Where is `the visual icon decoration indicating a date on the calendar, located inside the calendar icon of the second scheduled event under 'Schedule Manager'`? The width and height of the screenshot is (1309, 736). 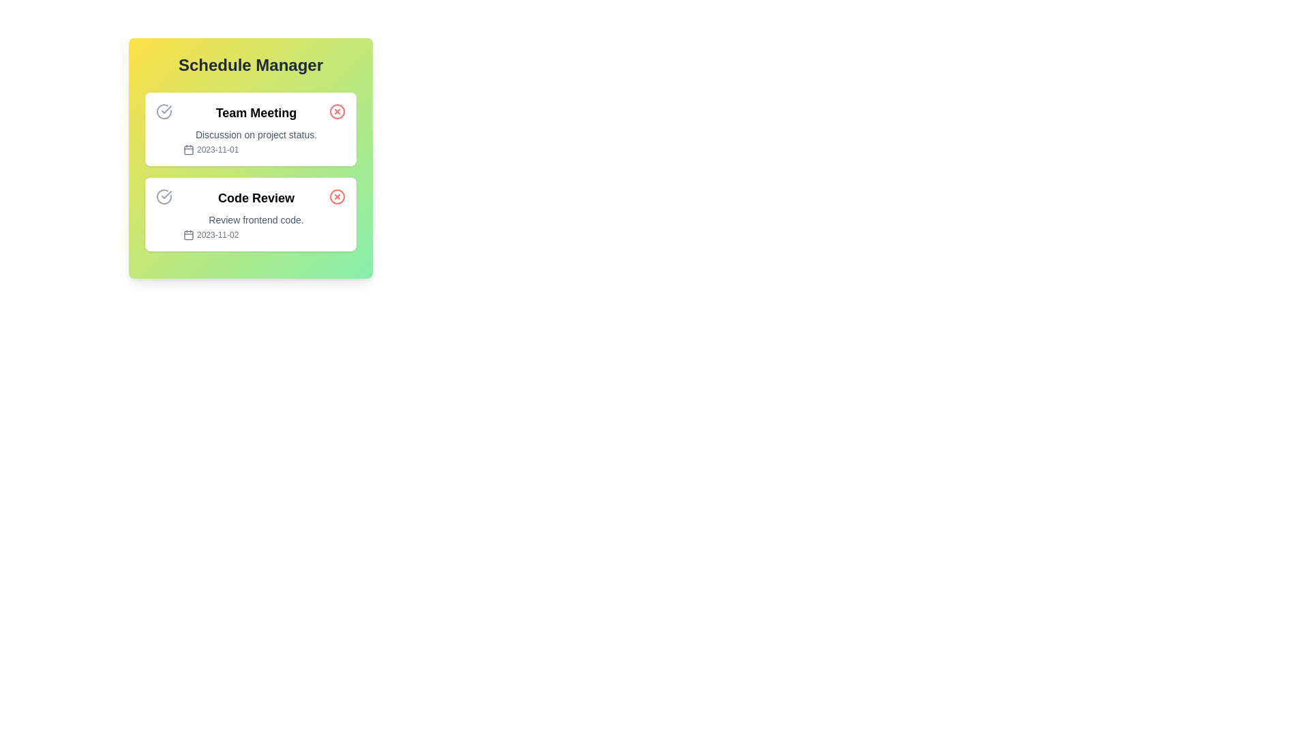 the visual icon decoration indicating a date on the calendar, located inside the calendar icon of the second scheduled event under 'Schedule Manager' is located at coordinates (188, 234).